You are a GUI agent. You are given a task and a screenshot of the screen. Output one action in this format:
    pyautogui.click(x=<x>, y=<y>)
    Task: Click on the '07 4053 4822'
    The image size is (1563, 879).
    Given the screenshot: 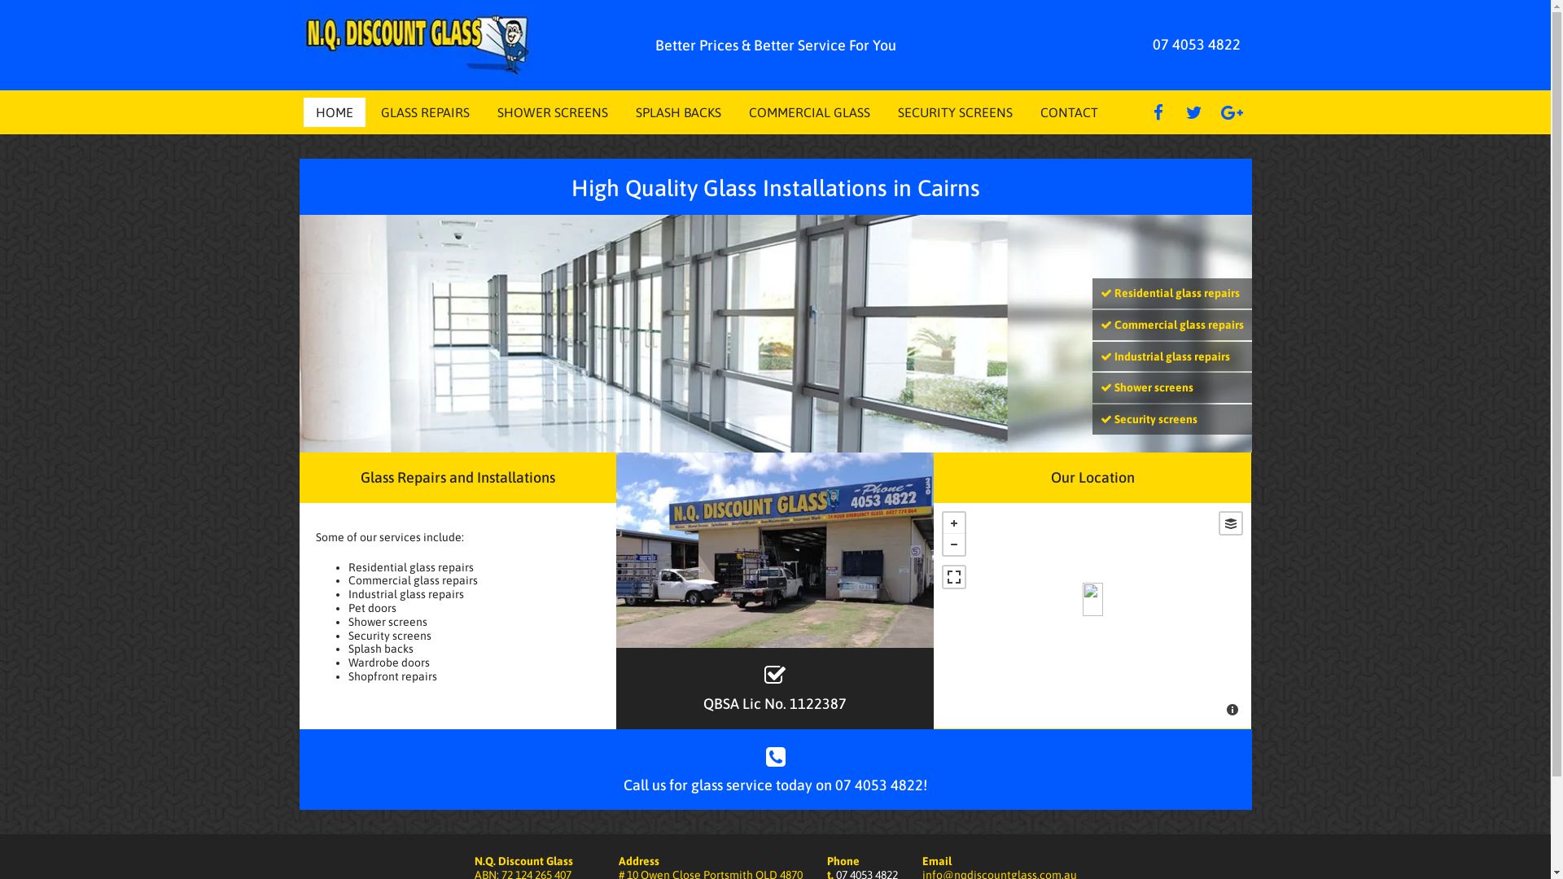 What is the action you would take?
    pyautogui.click(x=1196, y=43)
    